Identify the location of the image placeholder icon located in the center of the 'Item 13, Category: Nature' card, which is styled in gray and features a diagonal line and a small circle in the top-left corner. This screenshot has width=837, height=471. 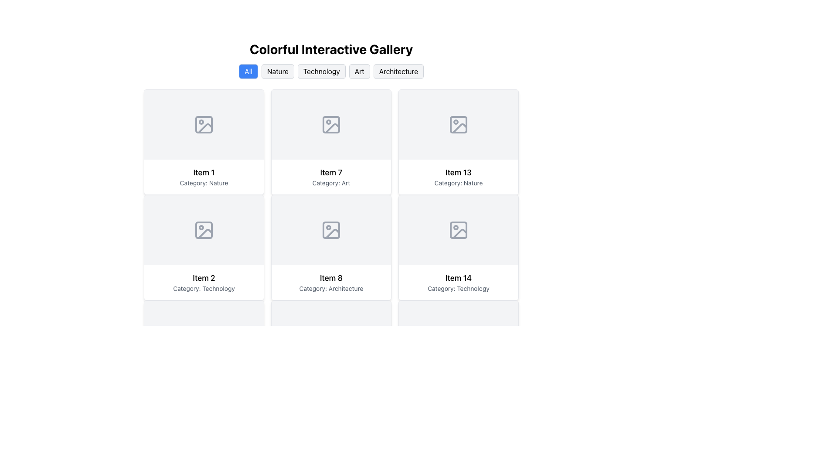
(458, 124).